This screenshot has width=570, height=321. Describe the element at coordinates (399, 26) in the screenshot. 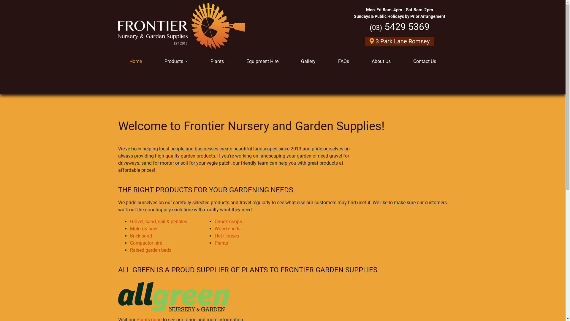

I see `'(03) 5429 5369'` at that location.